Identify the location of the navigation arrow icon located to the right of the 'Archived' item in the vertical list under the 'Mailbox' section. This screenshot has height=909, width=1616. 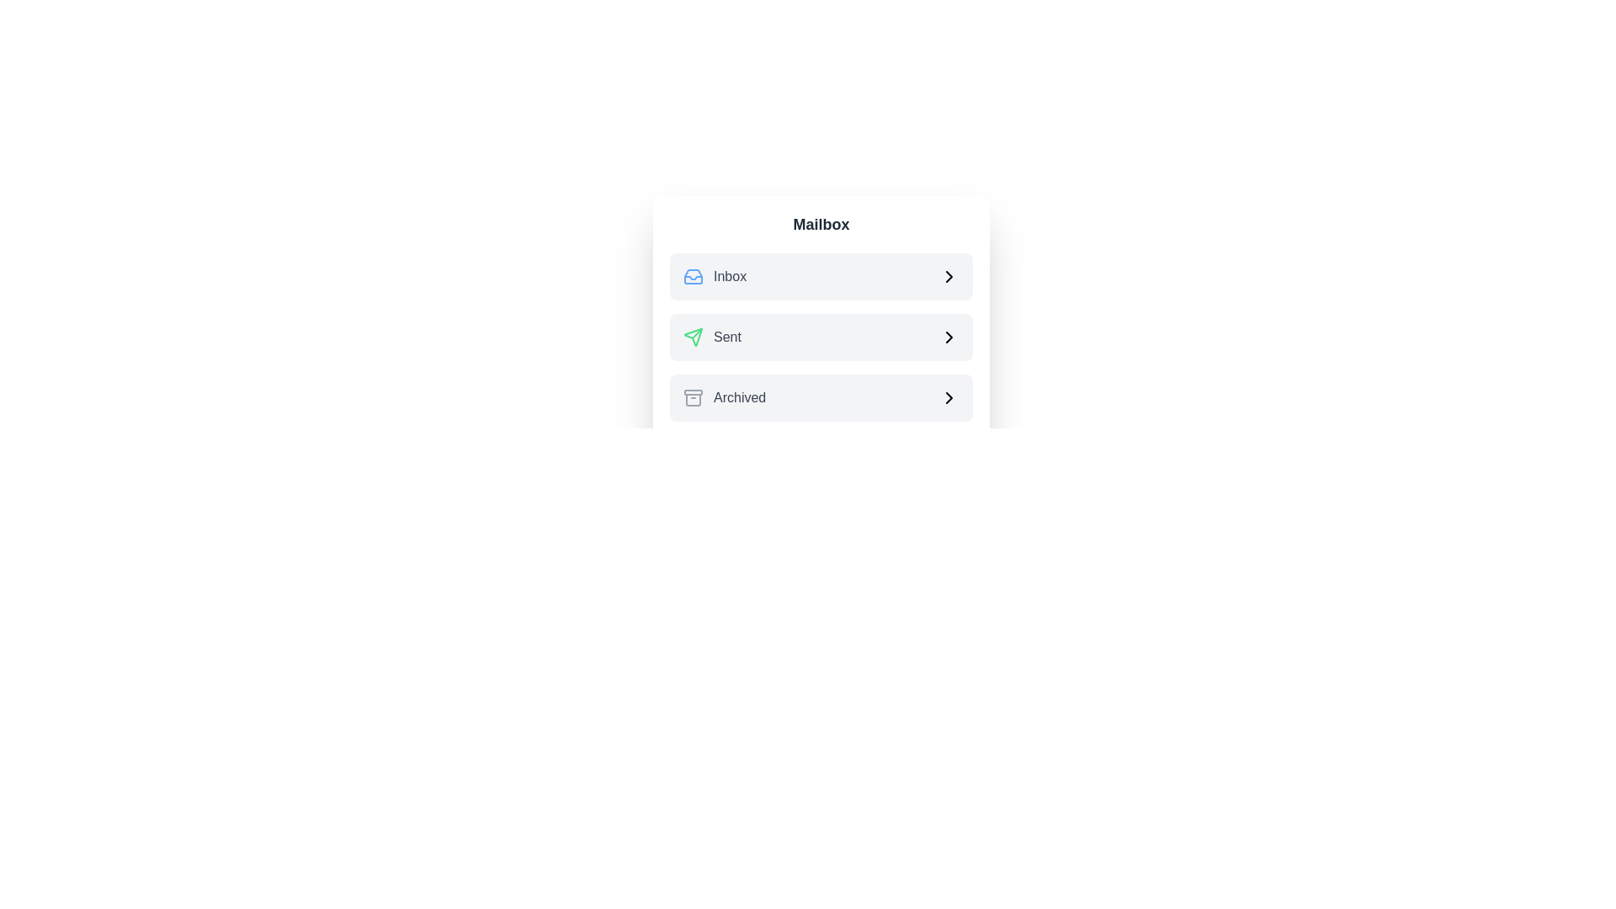
(949, 398).